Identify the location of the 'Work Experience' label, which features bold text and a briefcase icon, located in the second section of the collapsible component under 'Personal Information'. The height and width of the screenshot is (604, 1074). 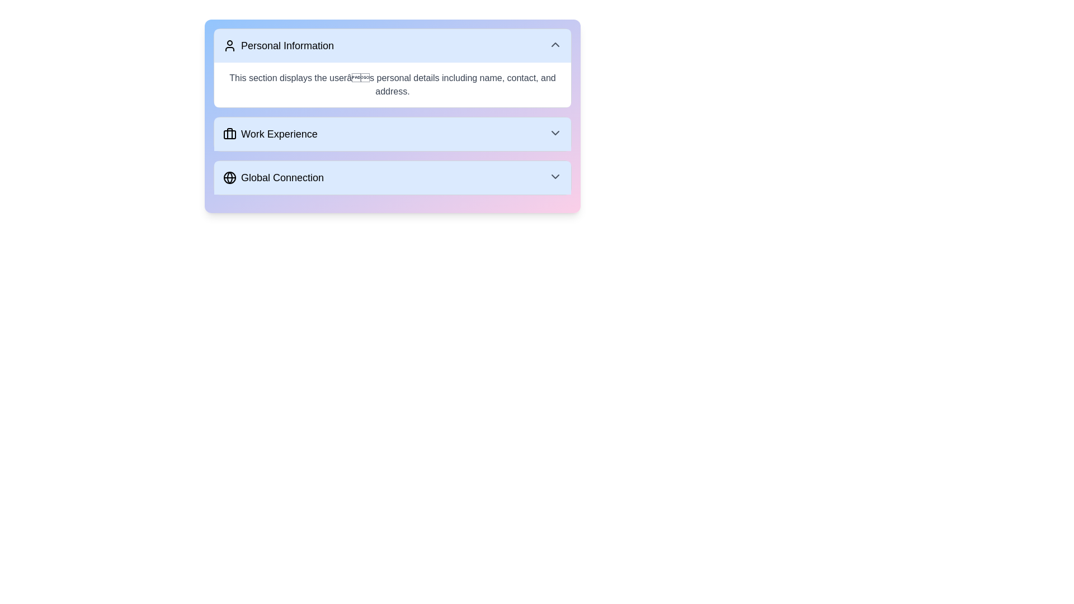
(270, 133).